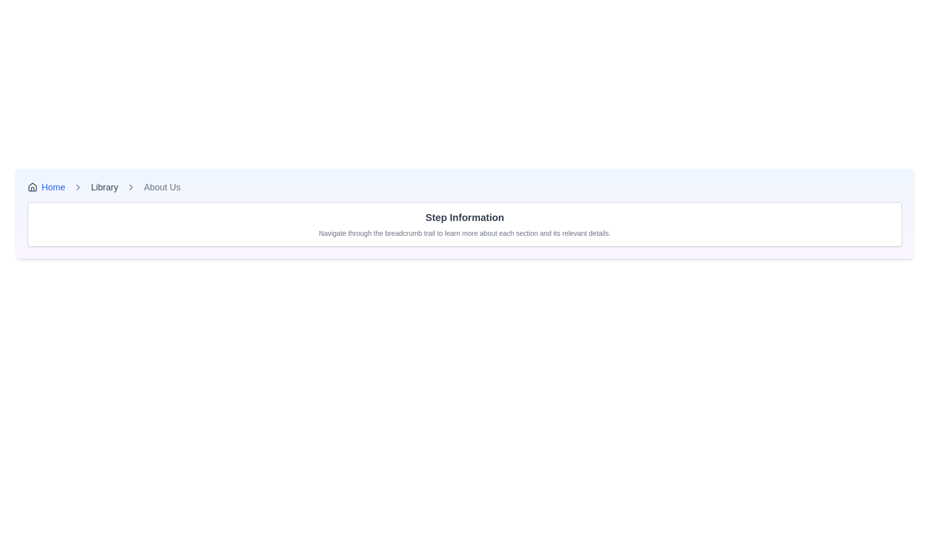  Describe the element at coordinates (162, 187) in the screenshot. I see `the static text 'About Us' in the breadcrumb navigation bar, which is styled in gray and indicates an inactive state` at that location.